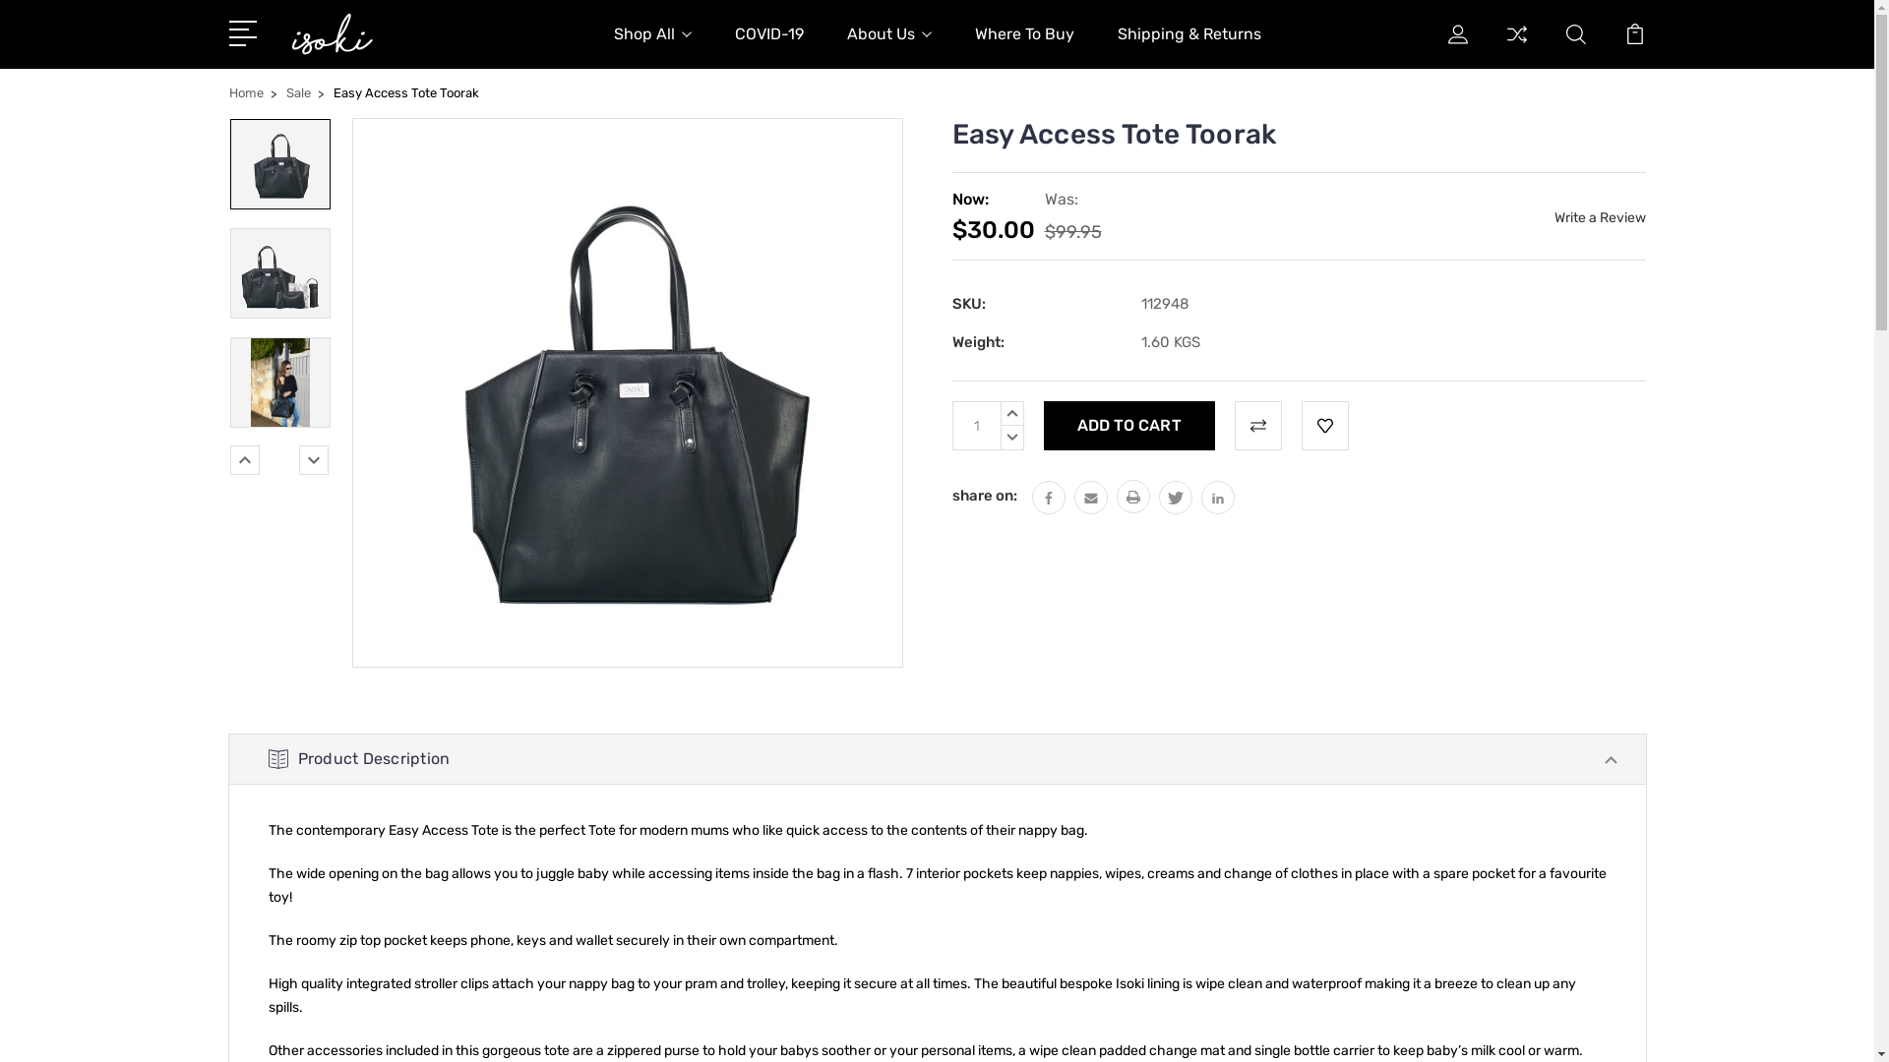 The width and height of the screenshot is (1889, 1062). What do you see at coordinates (332, 33) in the screenshot?
I see `'Isoki Australia'` at bounding box center [332, 33].